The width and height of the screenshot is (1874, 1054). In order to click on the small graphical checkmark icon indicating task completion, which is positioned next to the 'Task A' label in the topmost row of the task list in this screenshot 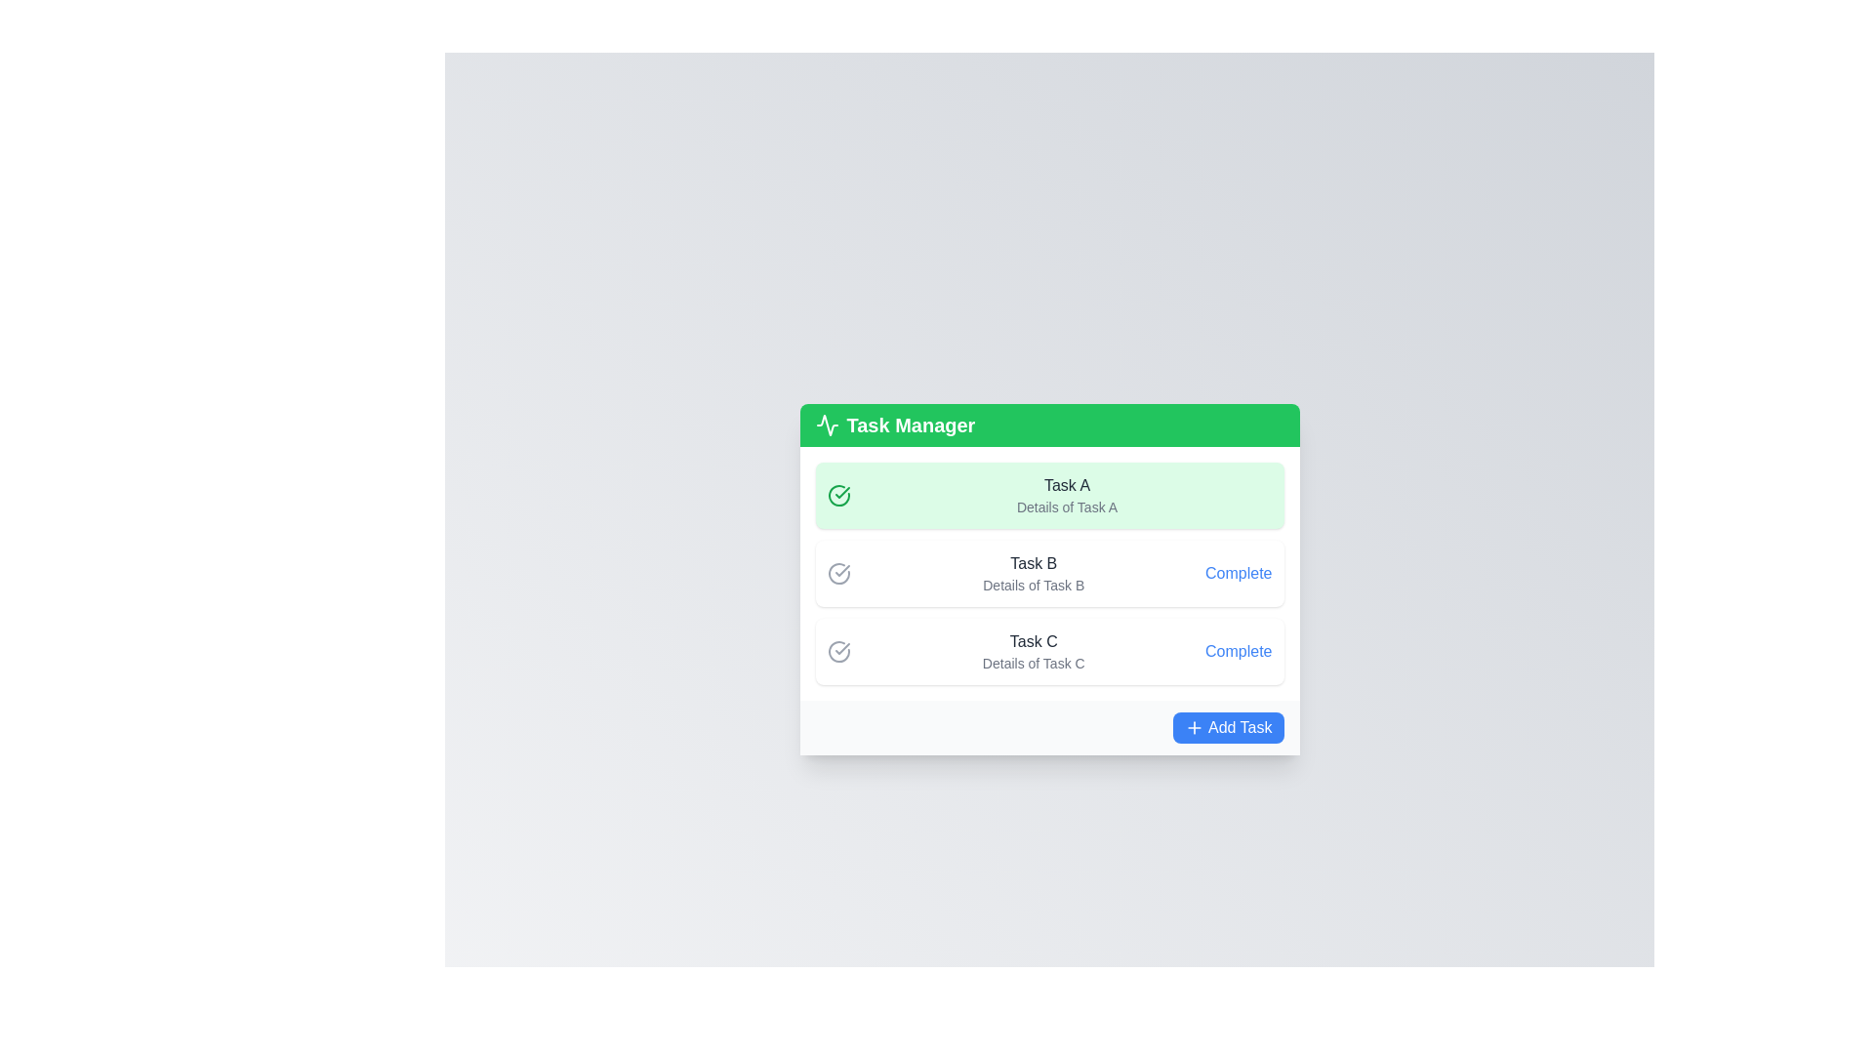, I will do `click(842, 571)`.